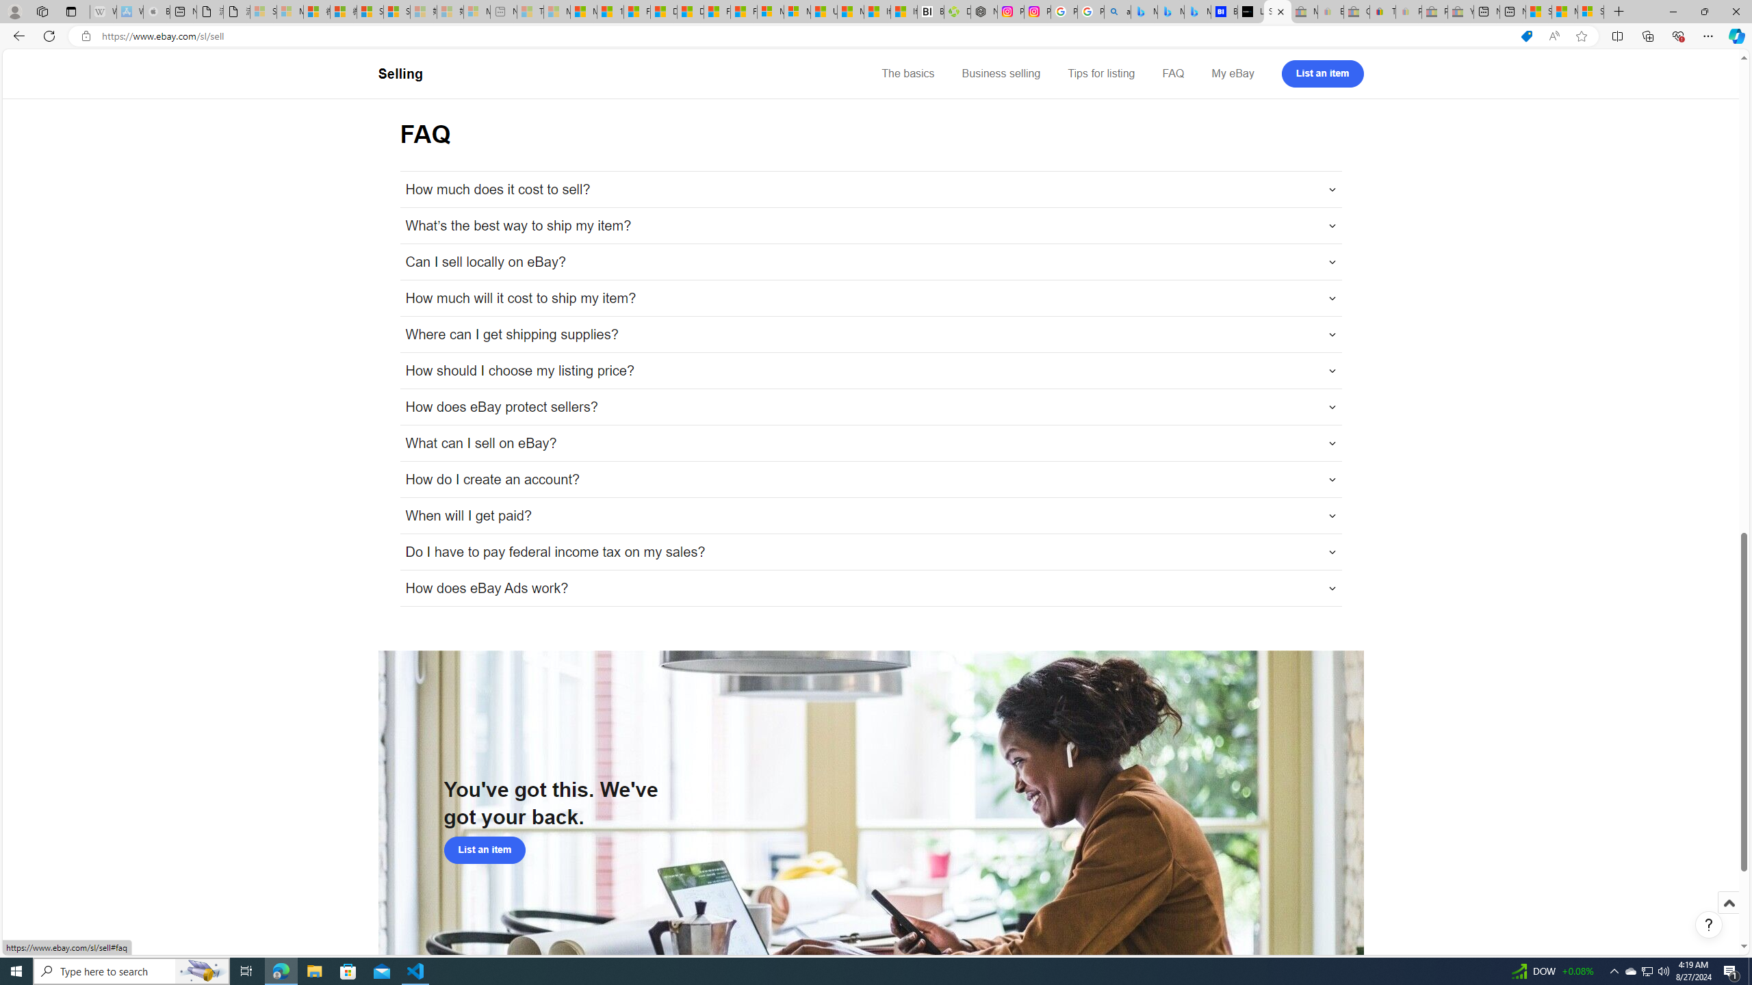 This screenshot has height=985, width=1752. What do you see at coordinates (1408, 11) in the screenshot?
I see `'Payments Terms of Use | eBay.com - Sleeping'` at bounding box center [1408, 11].